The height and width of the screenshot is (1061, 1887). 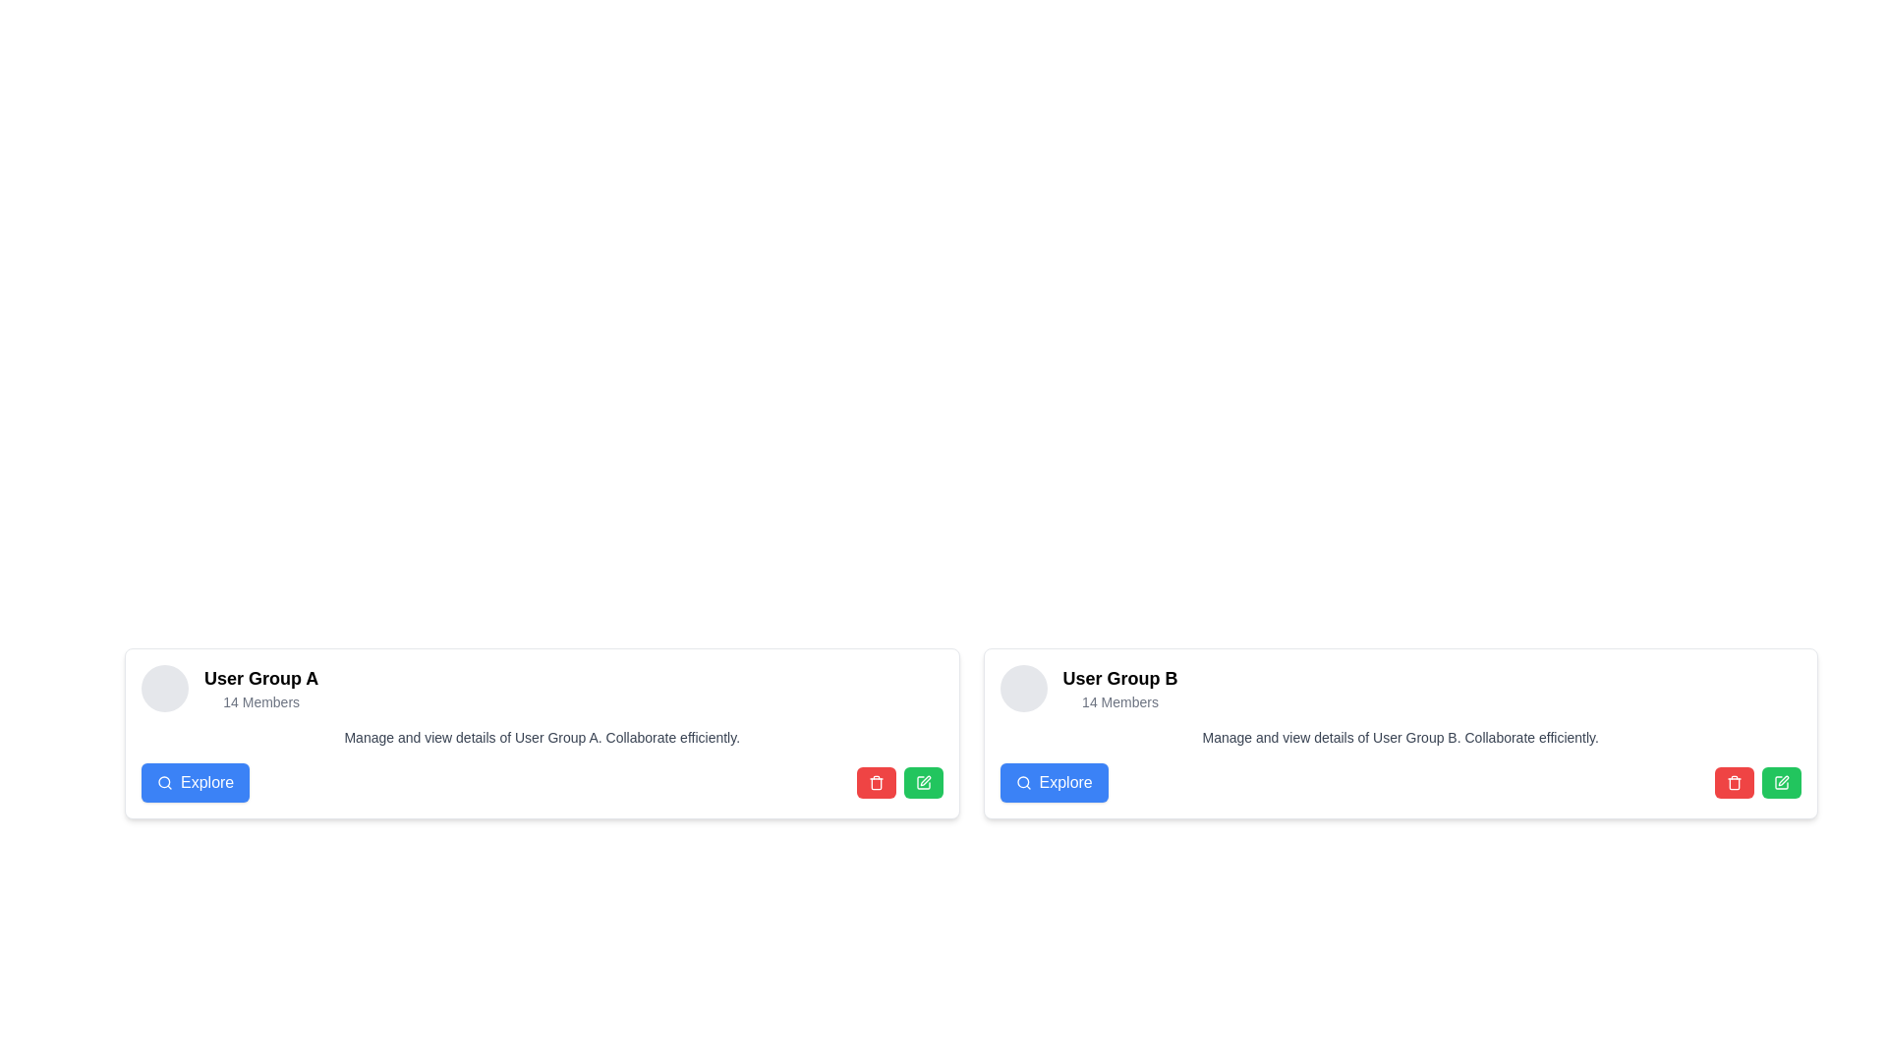 What do you see at coordinates (924, 779) in the screenshot?
I see `the small green pencil icon inside the green edit button located in the bottom-right corner of the card for 'User Group B'` at bounding box center [924, 779].